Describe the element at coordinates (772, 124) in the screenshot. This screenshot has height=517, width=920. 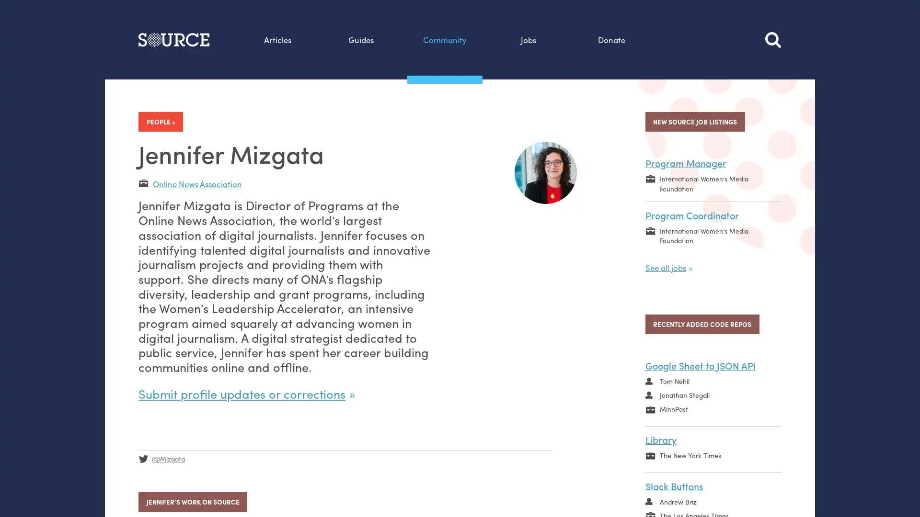
I see `Search` at that location.